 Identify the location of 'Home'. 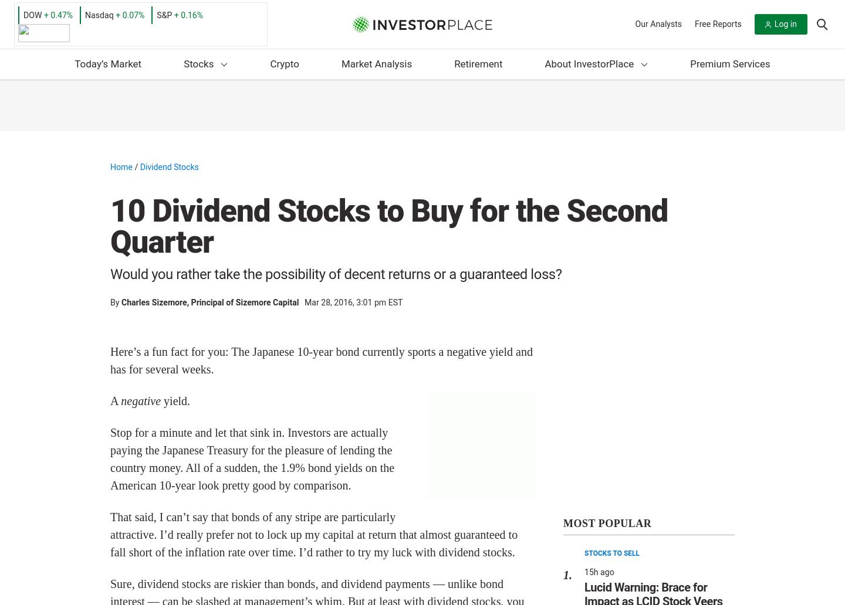
(110, 167).